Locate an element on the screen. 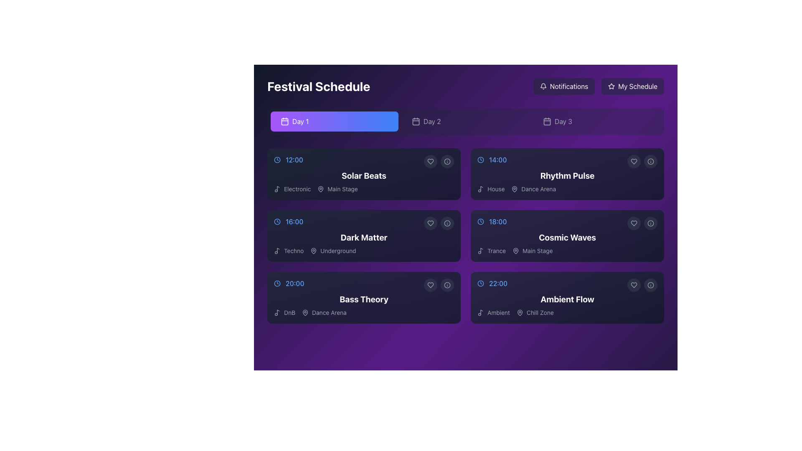  the map pin icon, which is styled with a rounded contour and a bottom-centered tip, located on the left side of the card labeled 'Dark Matter' in the schedule layout is located at coordinates (313, 251).